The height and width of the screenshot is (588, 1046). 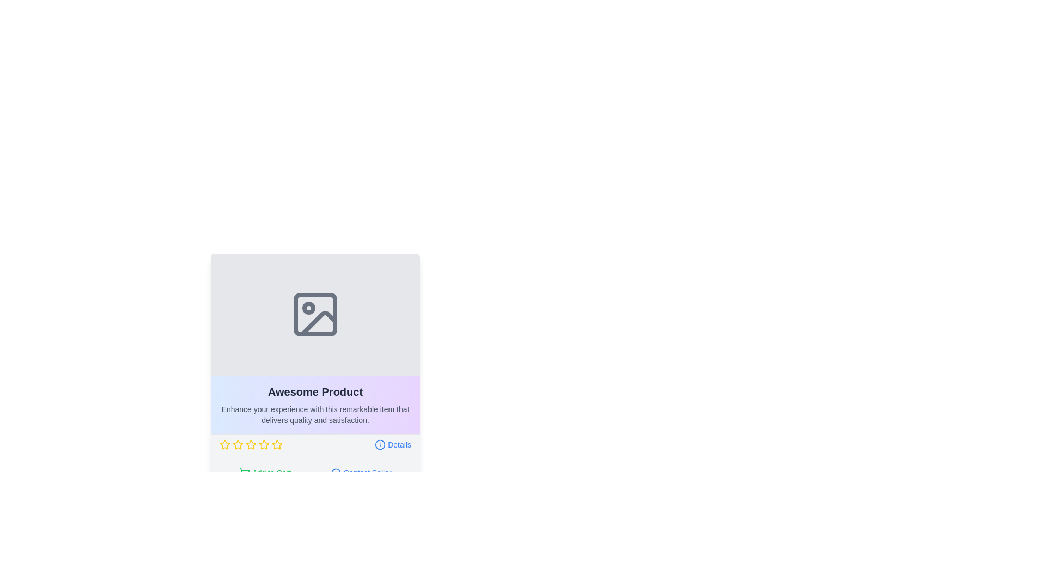 What do you see at coordinates (265, 472) in the screenshot?
I see `the 'Add to Cart' button with green text and a shopping cart icon to trigger the hover effect` at bounding box center [265, 472].